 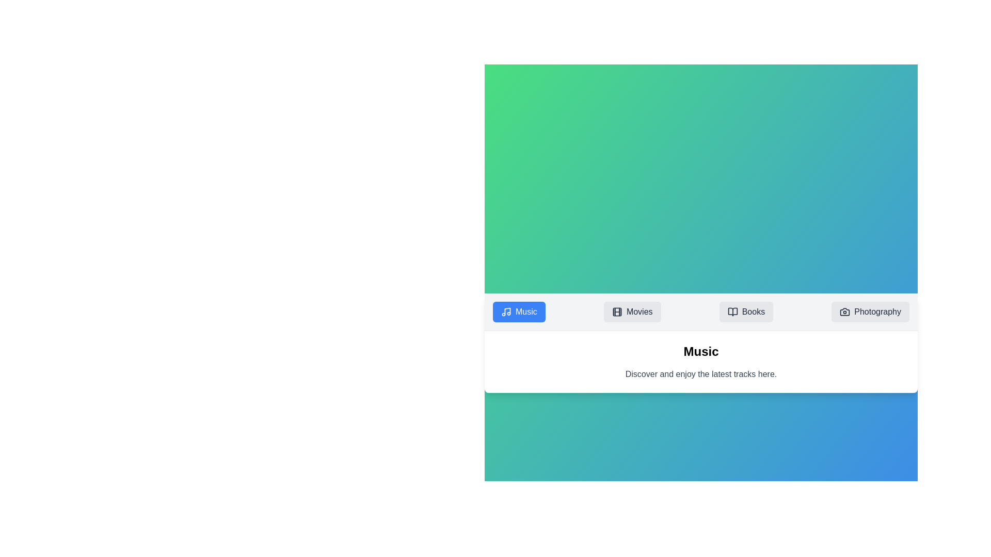 I want to click on the compact music note icon located at the leftmost side of the navigation bar, so click(x=506, y=311).